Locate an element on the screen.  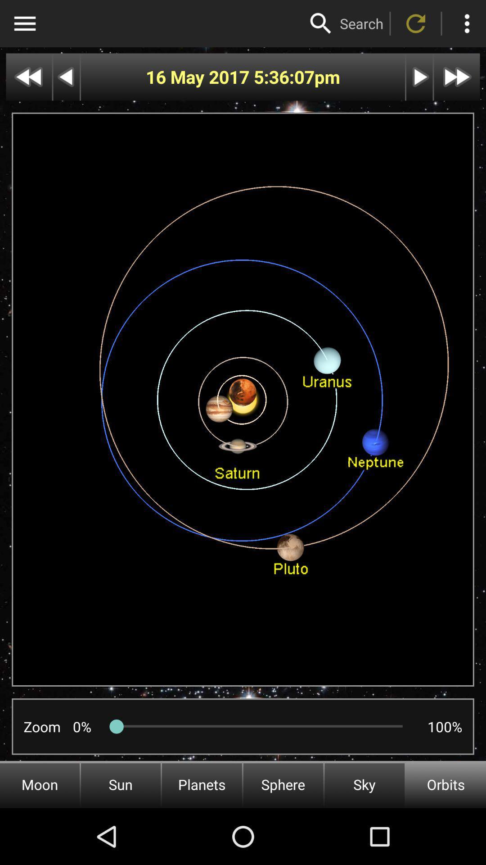
category is located at coordinates (24, 23).